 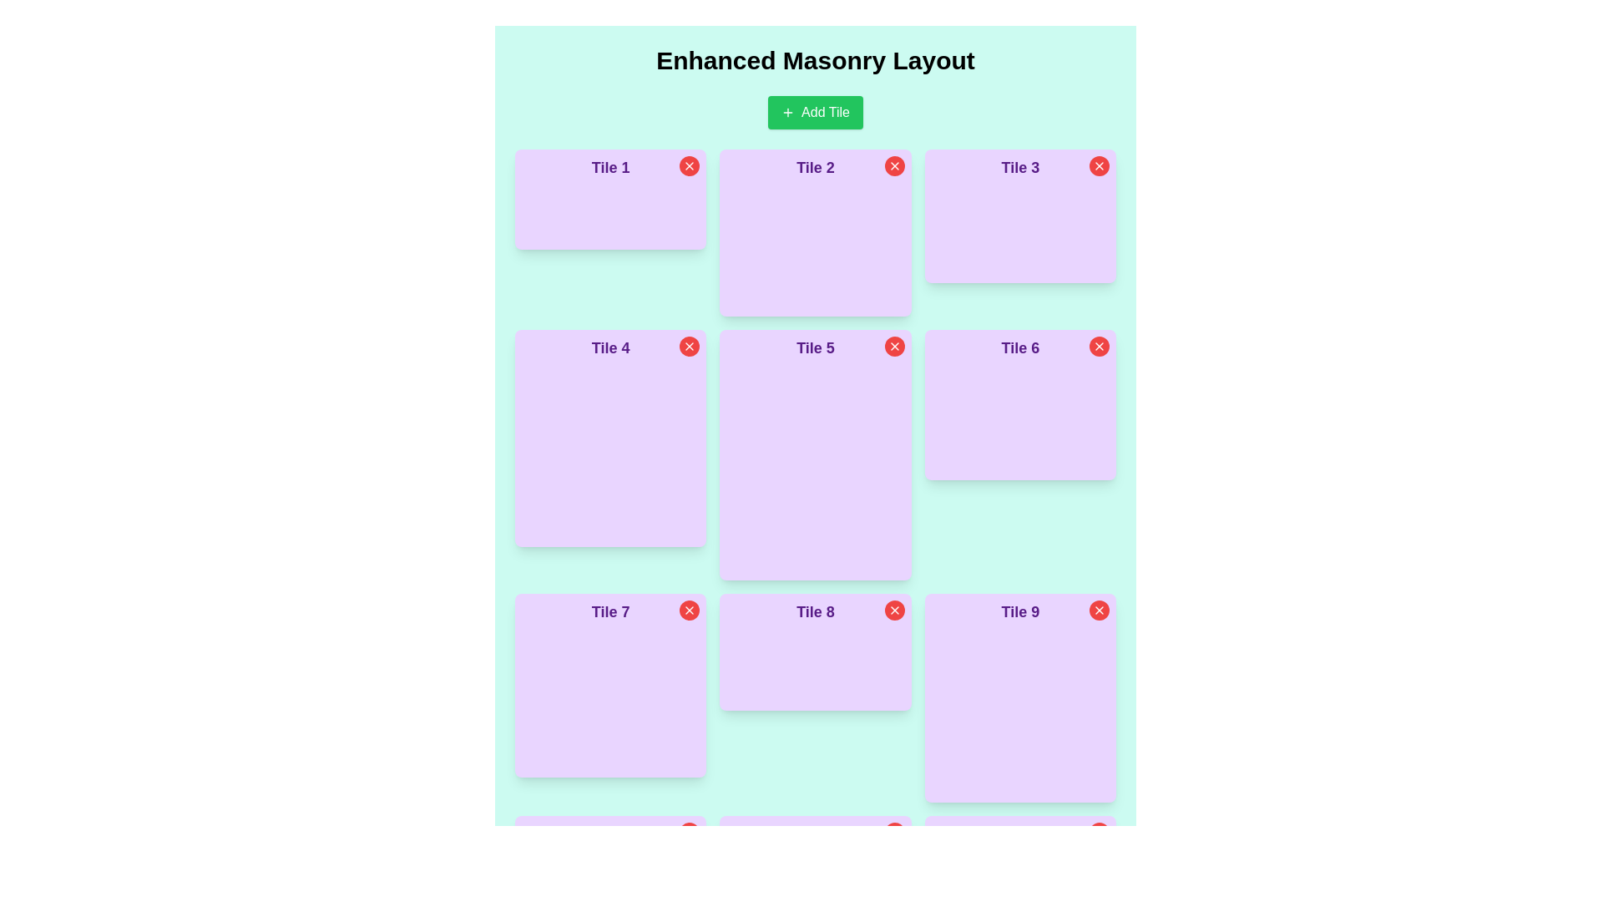 What do you see at coordinates (815, 651) in the screenshot?
I see `the card component with an interactive button located in the middle row of the grid layout` at bounding box center [815, 651].